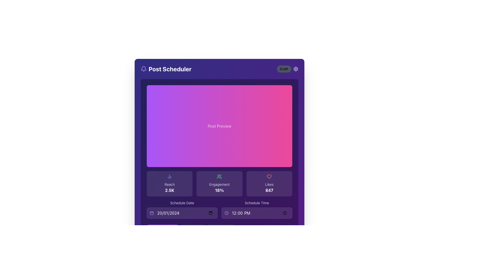 Image resolution: width=485 pixels, height=273 pixels. What do you see at coordinates (182, 210) in the screenshot?
I see `the calendar icon located in the text display for the scheduled date` at bounding box center [182, 210].